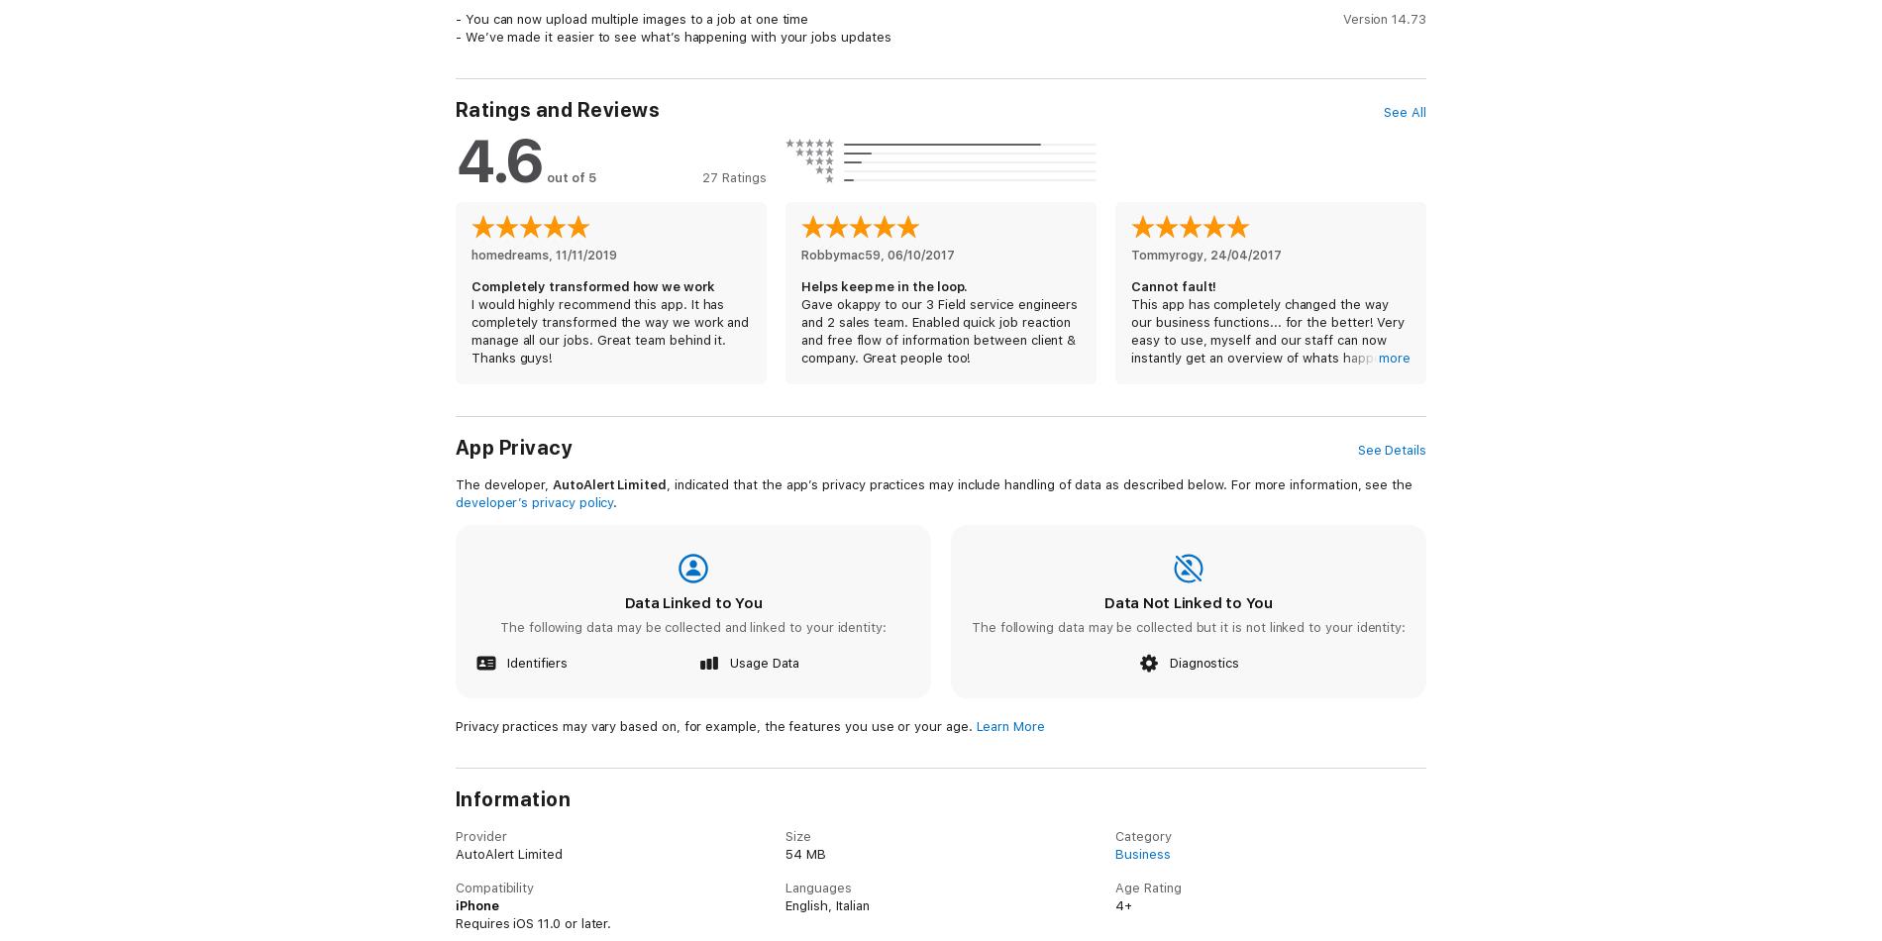  Describe the element at coordinates (472, 924) in the screenshot. I see `'Radar'` at that location.